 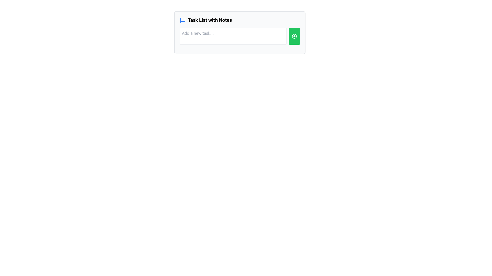 What do you see at coordinates (294, 36) in the screenshot?
I see `the representation of the Add button icon located on the right side of the input field for adding tasks` at bounding box center [294, 36].